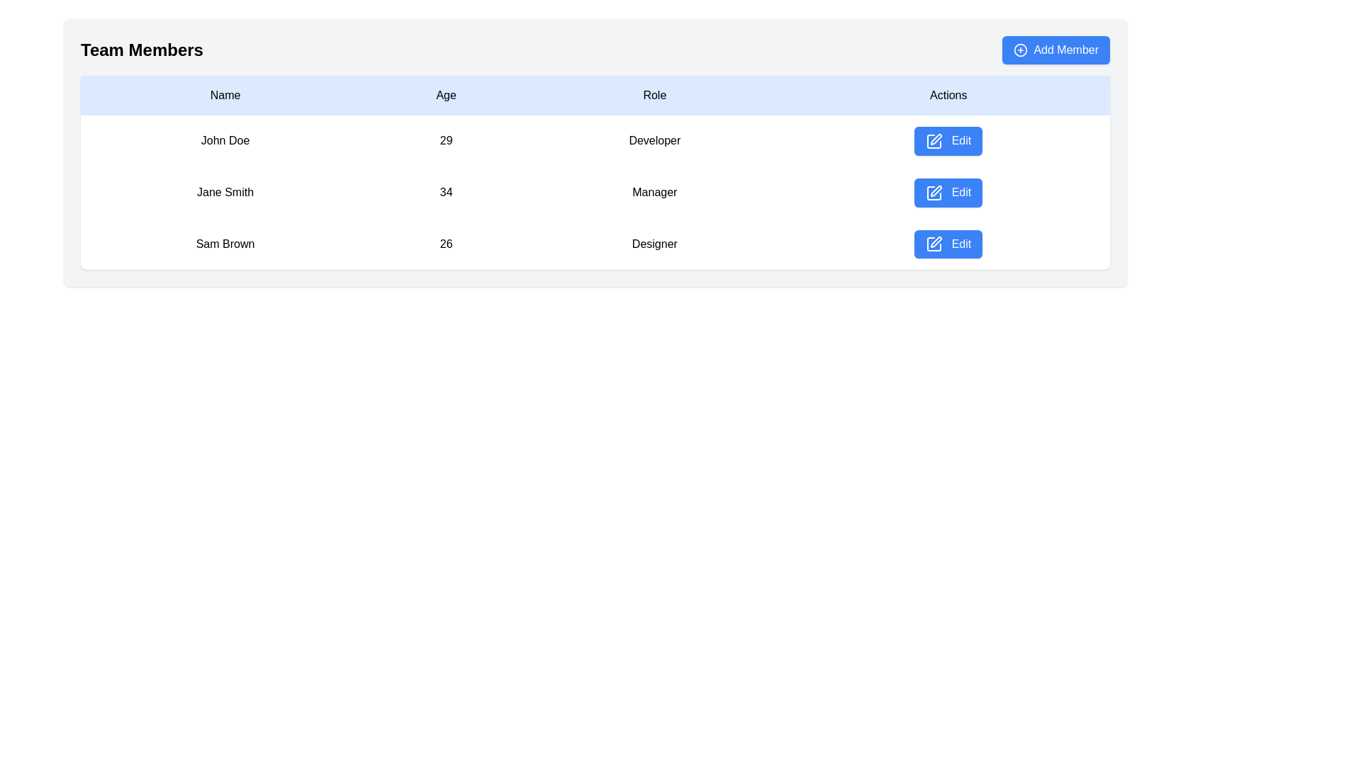 This screenshot has height=765, width=1361. What do you see at coordinates (445, 141) in the screenshot?
I see `the text element displaying the age of 'John Doe' located in the second cell of the row corresponding to his details in the table, beside the 'Developer' cell` at bounding box center [445, 141].